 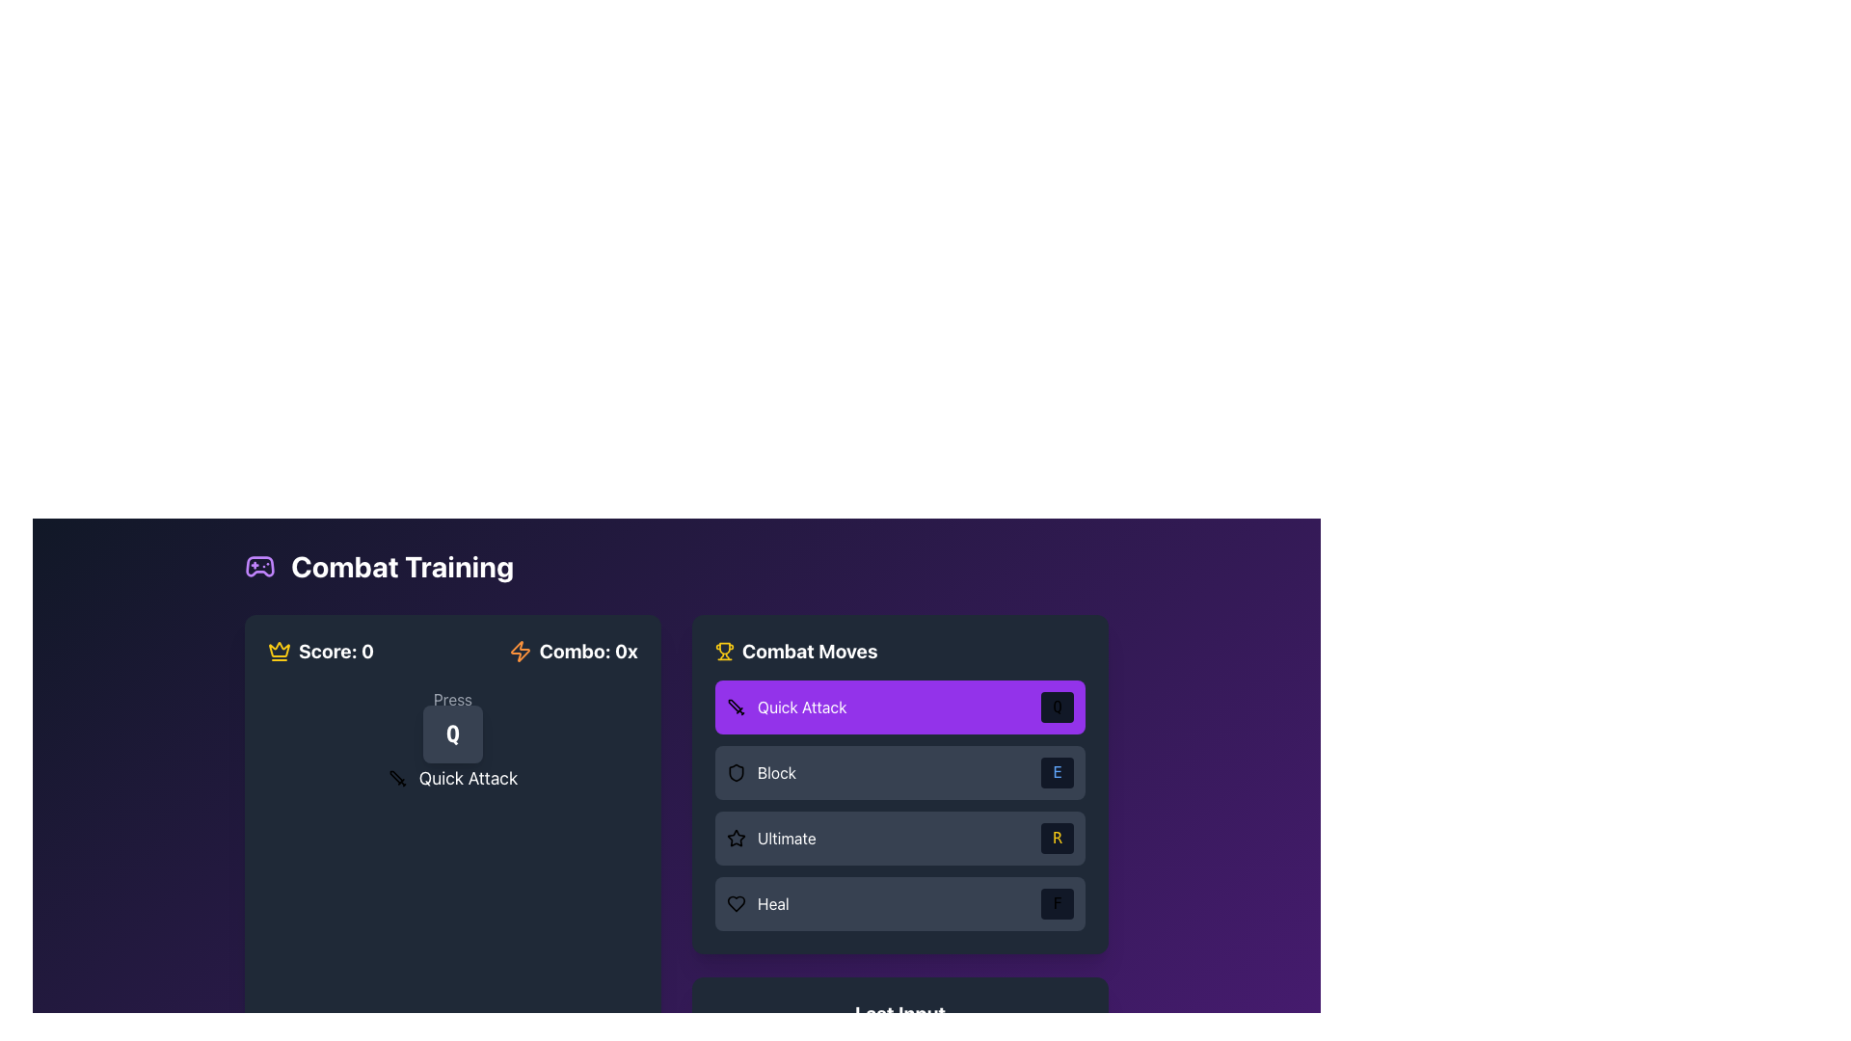 I want to click on letter 'Q' displayed on the rightmost side of the purple-highlighted button labeled 'Quick Attack' in the 'Combat Moves' section, so click(x=1057, y=707).